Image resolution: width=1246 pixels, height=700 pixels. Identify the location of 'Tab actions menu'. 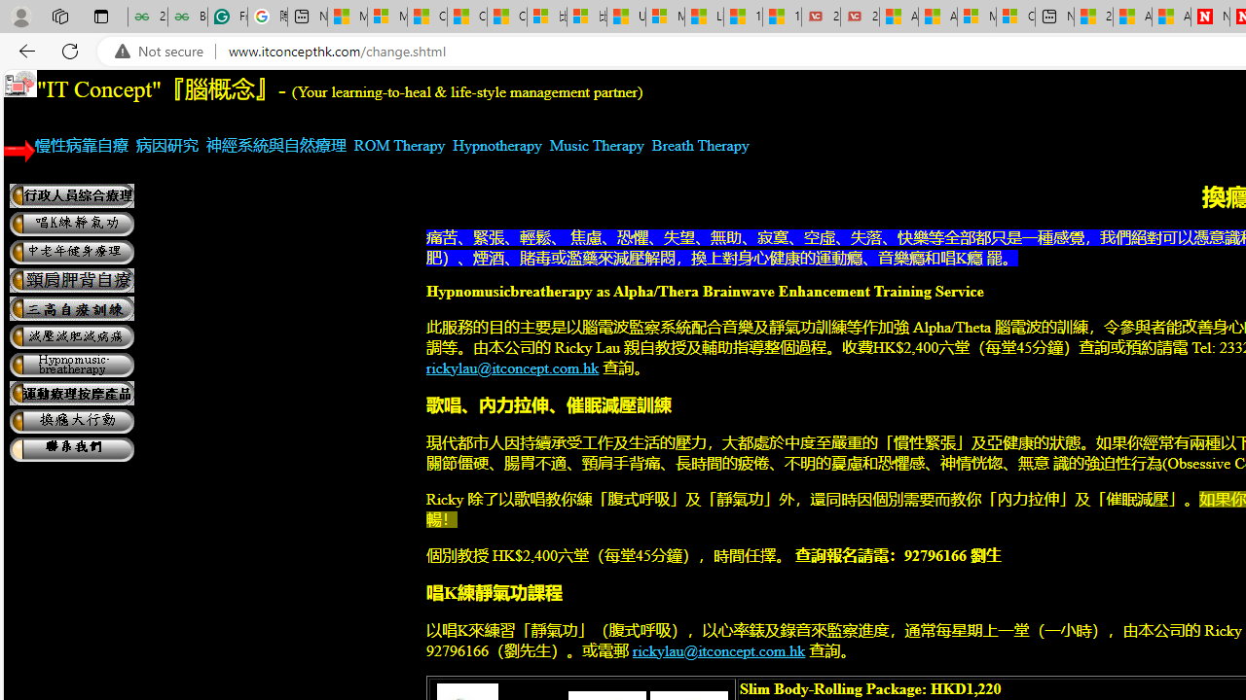
(100, 16).